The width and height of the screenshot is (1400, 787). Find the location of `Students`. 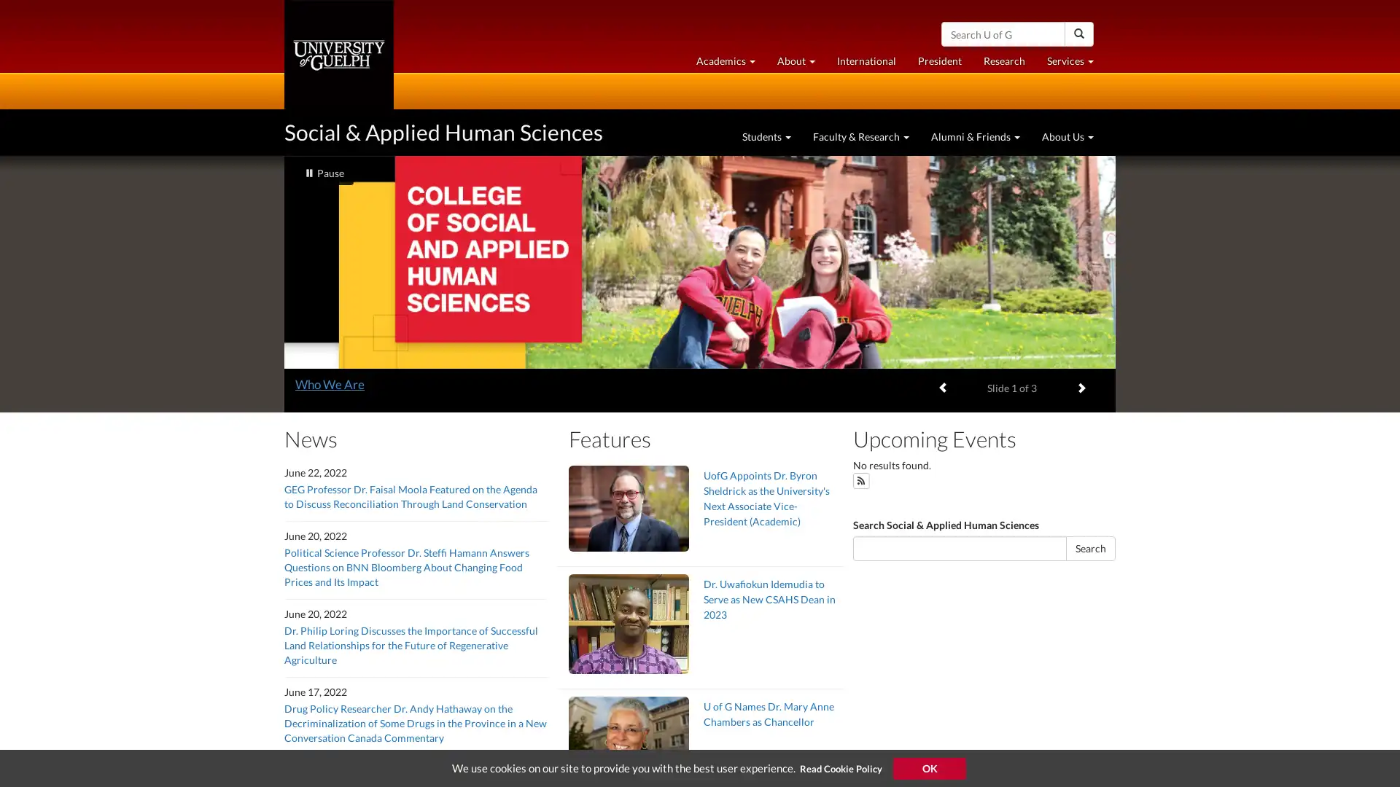

Students is located at coordinates (766, 137).